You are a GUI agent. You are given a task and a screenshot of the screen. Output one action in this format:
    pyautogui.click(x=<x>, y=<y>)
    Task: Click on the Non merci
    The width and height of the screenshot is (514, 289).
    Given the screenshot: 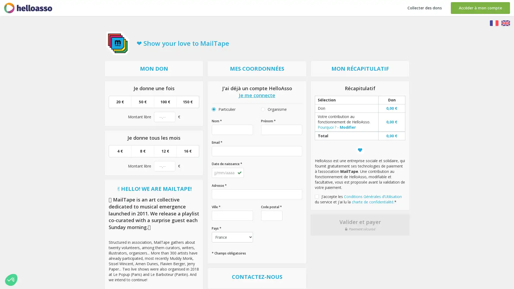 What is the action you would take?
    pyautogui.click(x=24, y=262)
    